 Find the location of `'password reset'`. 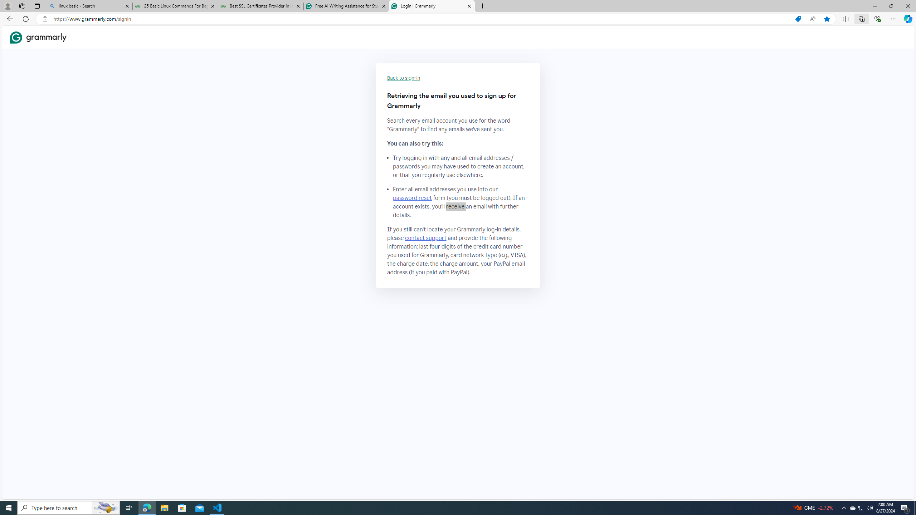

'password reset' is located at coordinates (412, 197).